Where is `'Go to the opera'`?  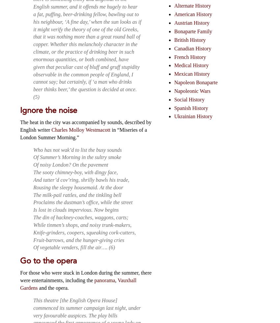 'Go to the opera' is located at coordinates (20, 260).